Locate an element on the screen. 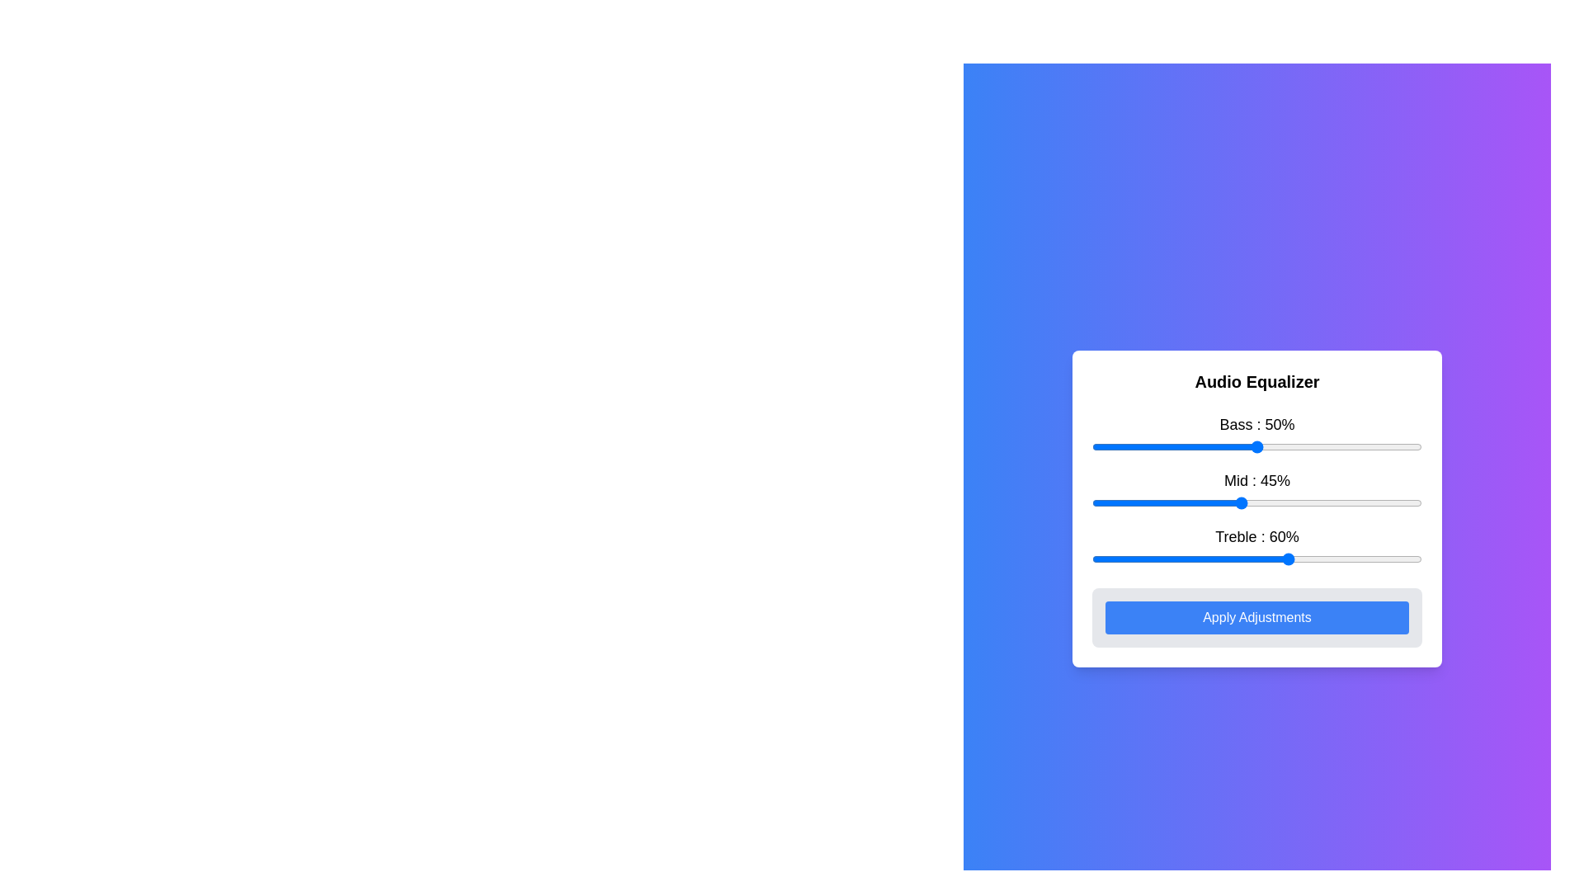  the 'Apply Adjustments' button is located at coordinates (1256, 617).